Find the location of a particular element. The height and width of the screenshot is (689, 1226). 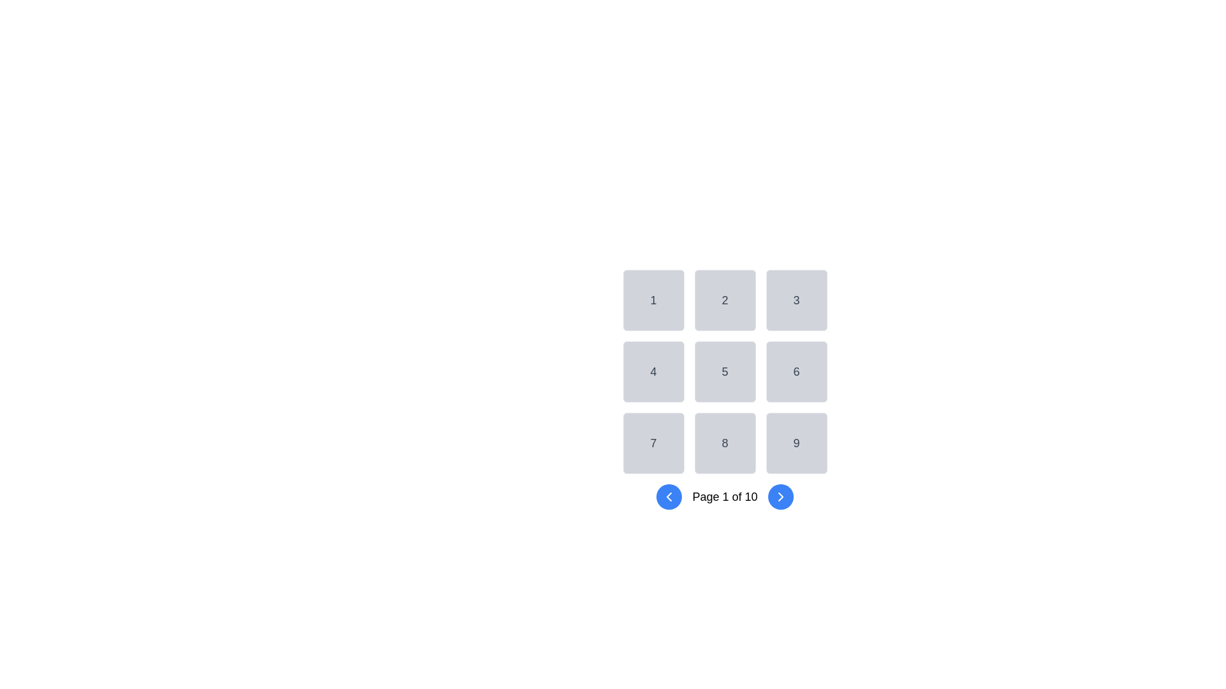

the square-shaped button labeled '1' in the top-left corner of the 3x3 grid layout is located at coordinates (653, 300).